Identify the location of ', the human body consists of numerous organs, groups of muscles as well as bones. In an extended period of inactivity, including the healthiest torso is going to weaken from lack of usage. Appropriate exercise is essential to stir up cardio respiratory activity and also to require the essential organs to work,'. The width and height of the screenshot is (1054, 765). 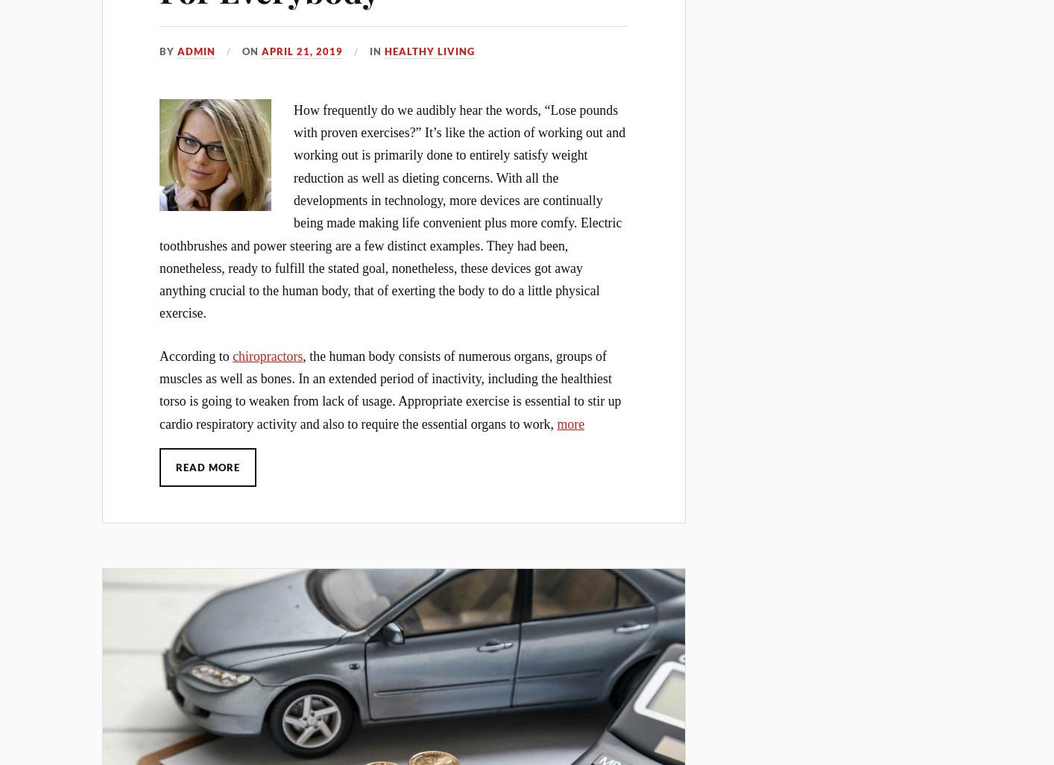
(389, 389).